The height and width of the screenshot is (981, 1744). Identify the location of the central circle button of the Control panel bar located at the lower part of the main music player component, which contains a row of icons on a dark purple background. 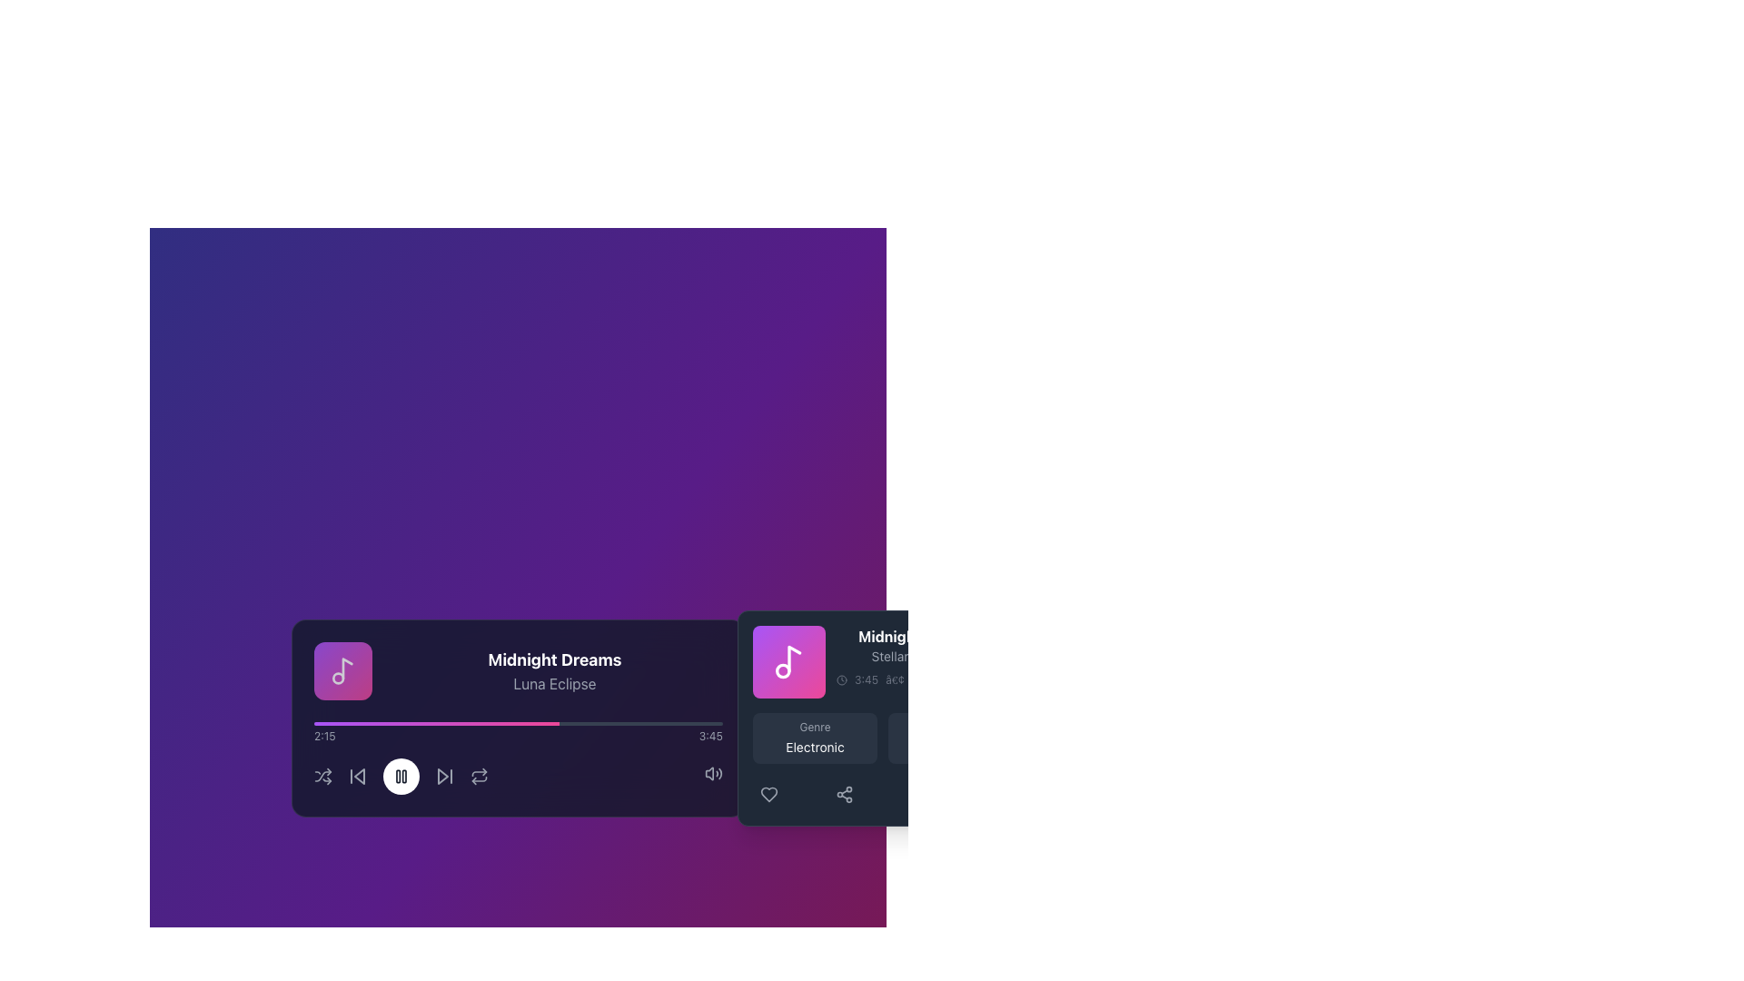
(517, 777).